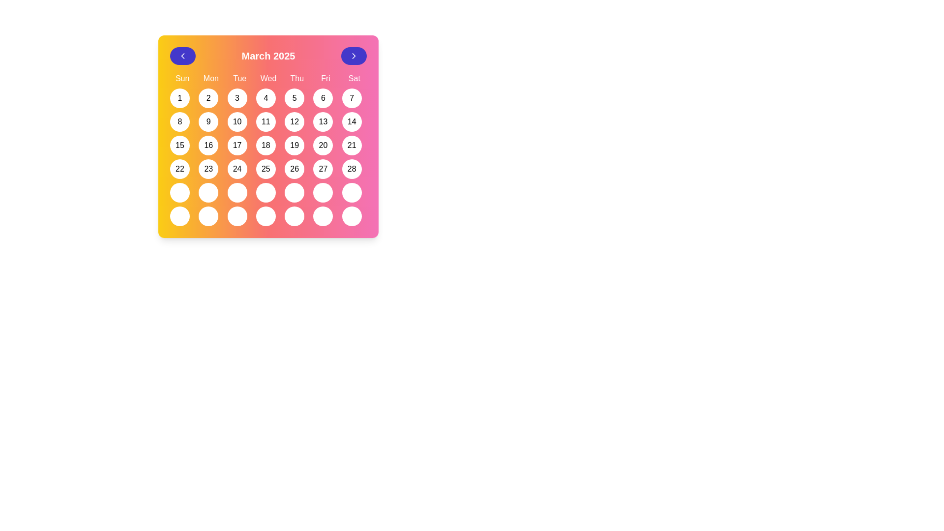 The height and width of the screenshot is (531, 944). What do you see at coordinates (208, 215) in the screenshot?
I see `the interactive button located in the sixth row and second column of the calendar grid, which indicates a specific date or empty day slot` at bounding box center [208, 215].